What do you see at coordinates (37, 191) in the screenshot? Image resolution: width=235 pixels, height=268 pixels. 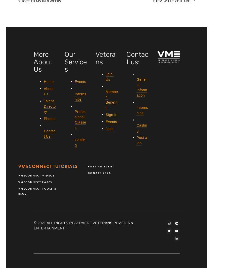 I see `'VMEConnect Tools & Blog'` at bounding box center [37, 191].